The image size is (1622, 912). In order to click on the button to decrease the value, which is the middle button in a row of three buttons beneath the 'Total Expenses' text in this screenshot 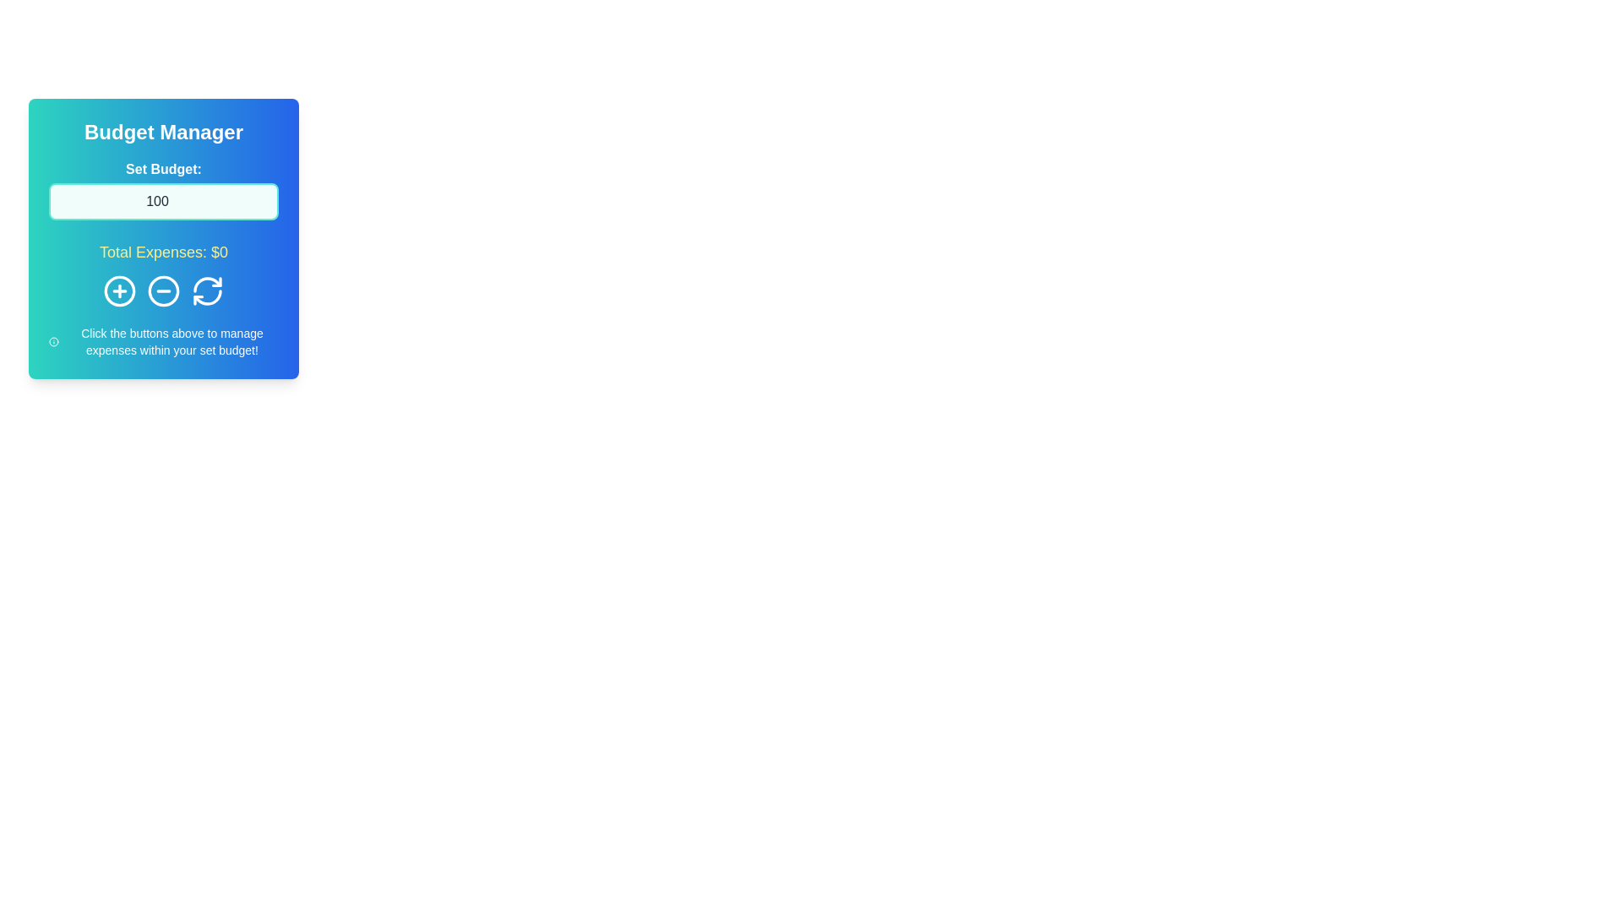, I will do `click(163, 290)`.